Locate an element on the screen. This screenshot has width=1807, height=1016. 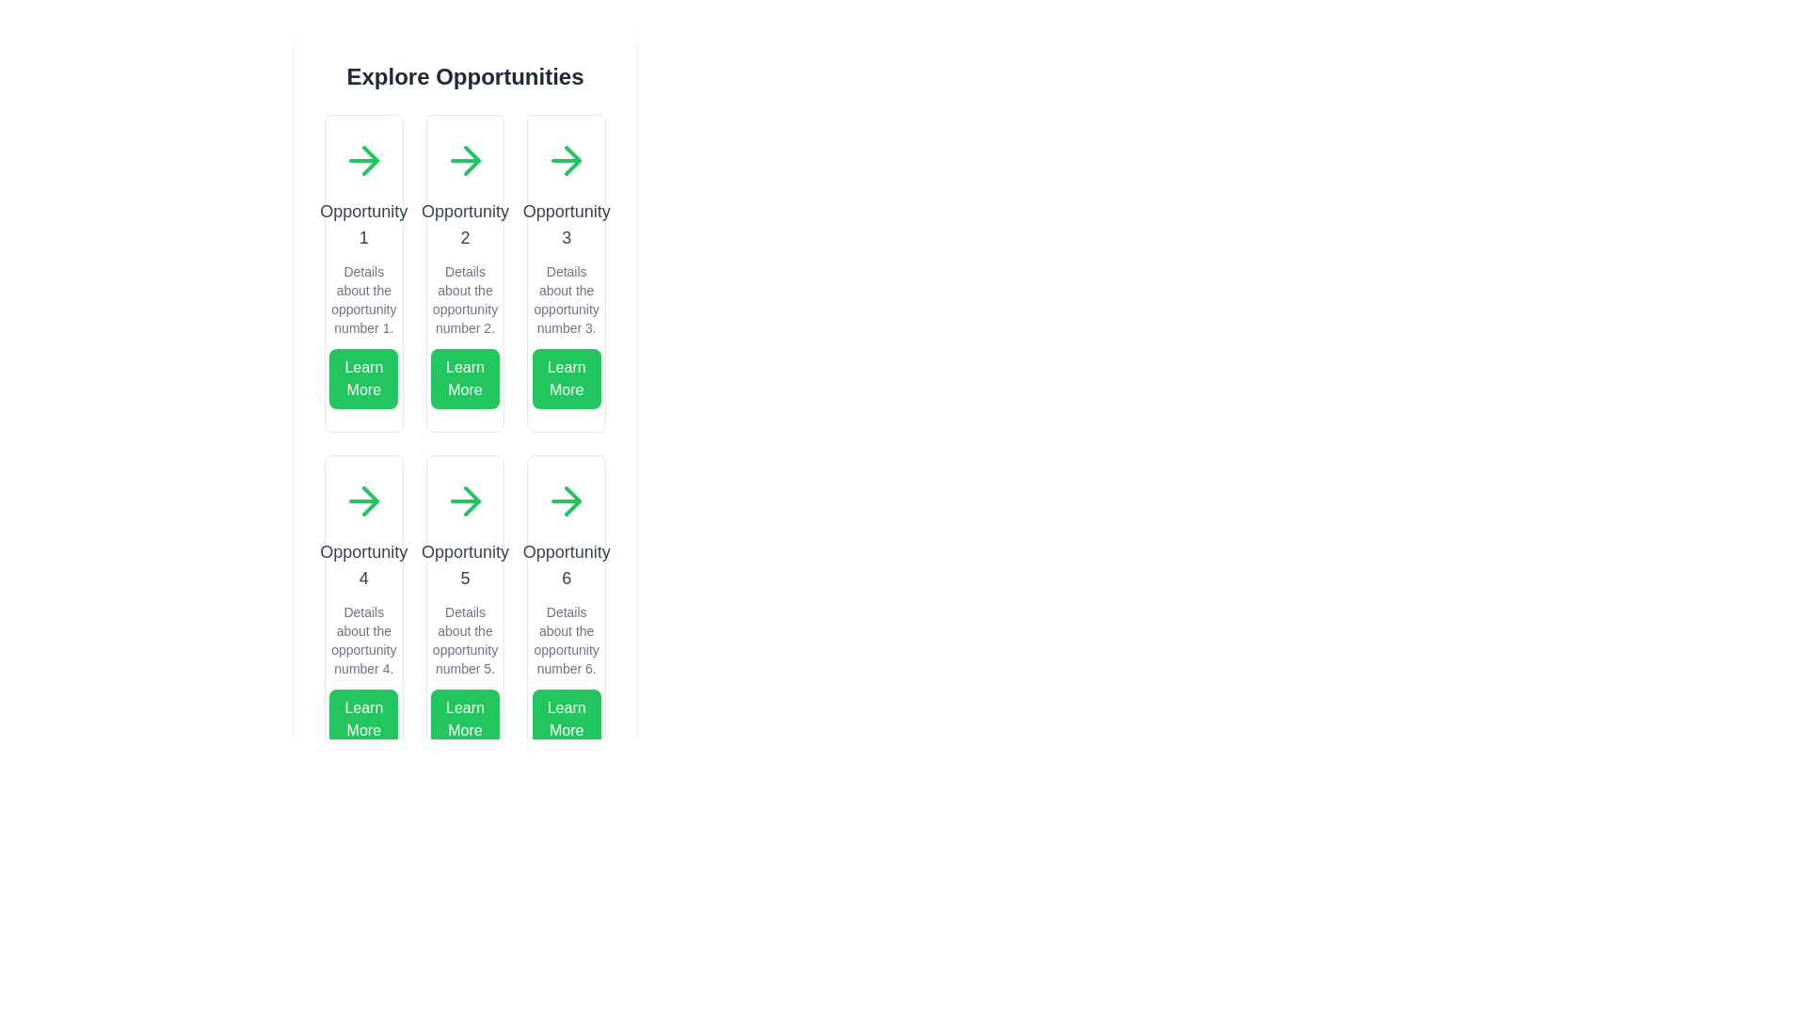
the forward navigation arrow icon located in the center of the fifth opportunity card, which is positioned above the text 'Opportunity 5' is located at coordinates (472, 500).